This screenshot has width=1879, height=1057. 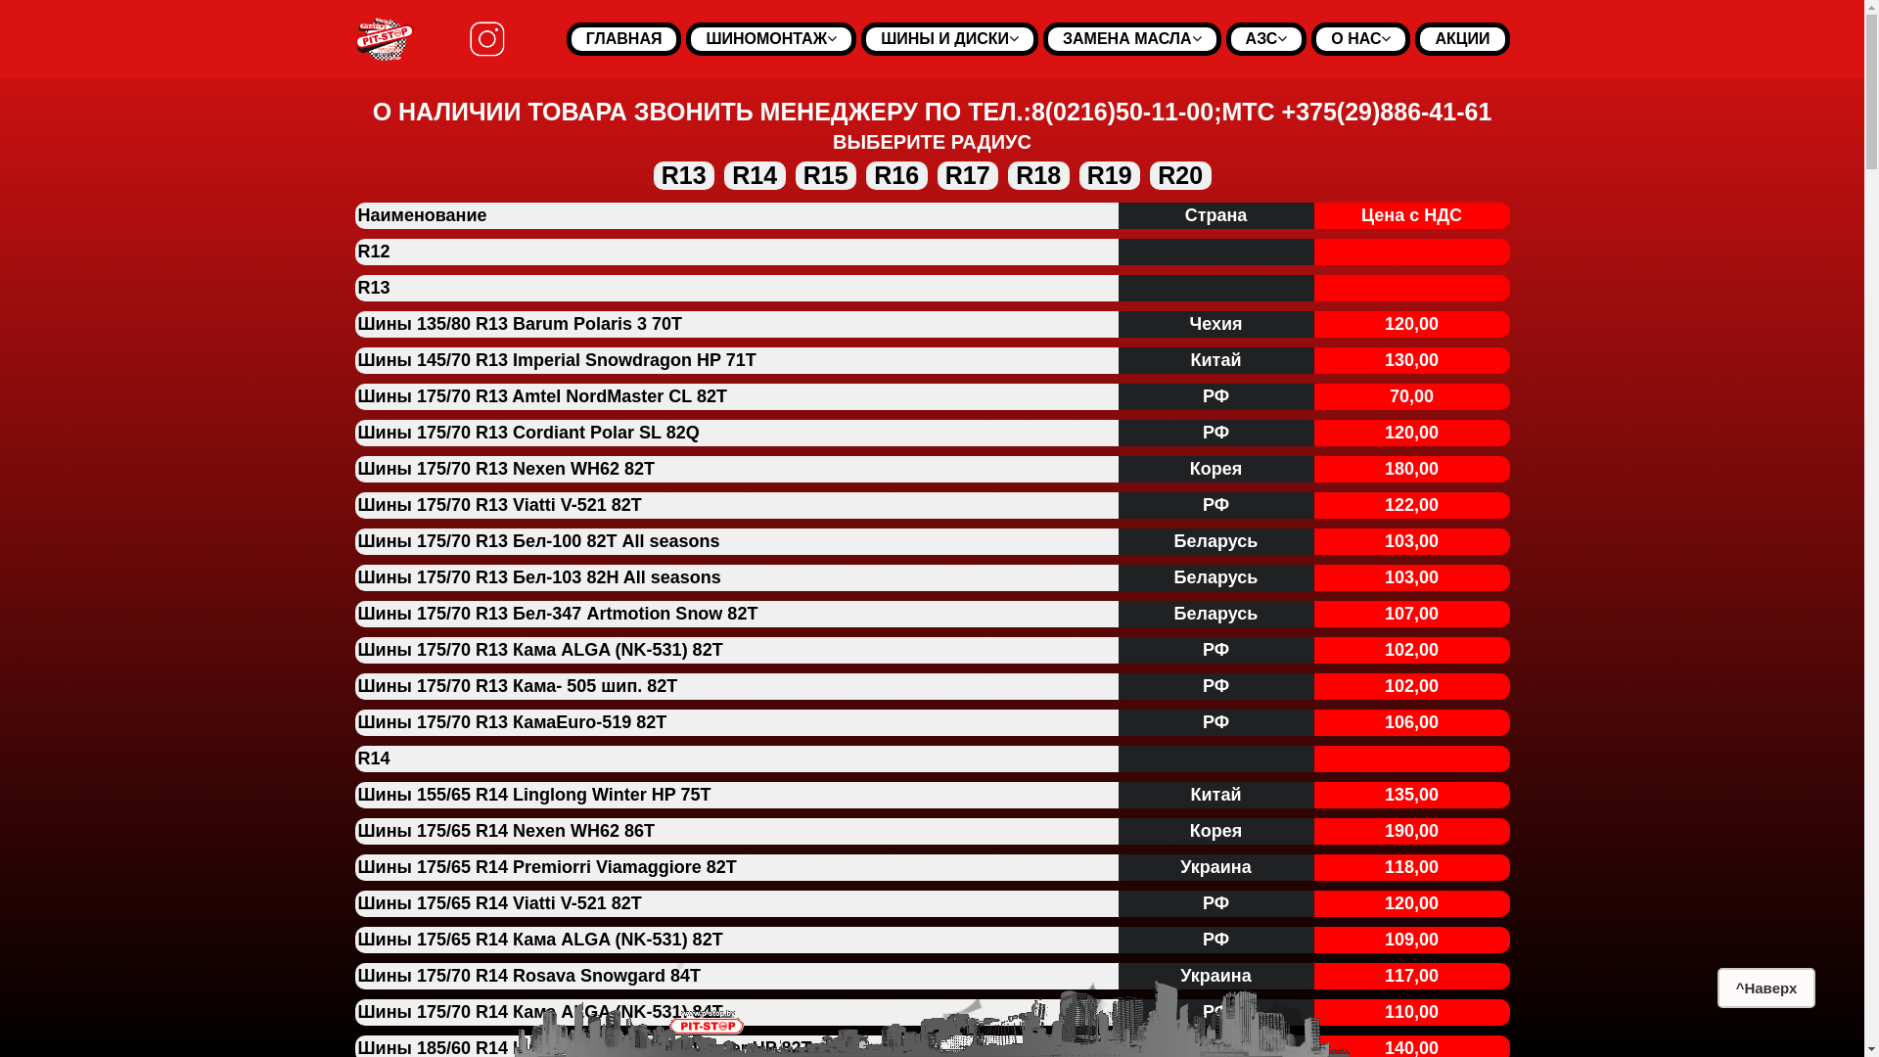 I want to click on 'R13', so click(x=684, y=173).